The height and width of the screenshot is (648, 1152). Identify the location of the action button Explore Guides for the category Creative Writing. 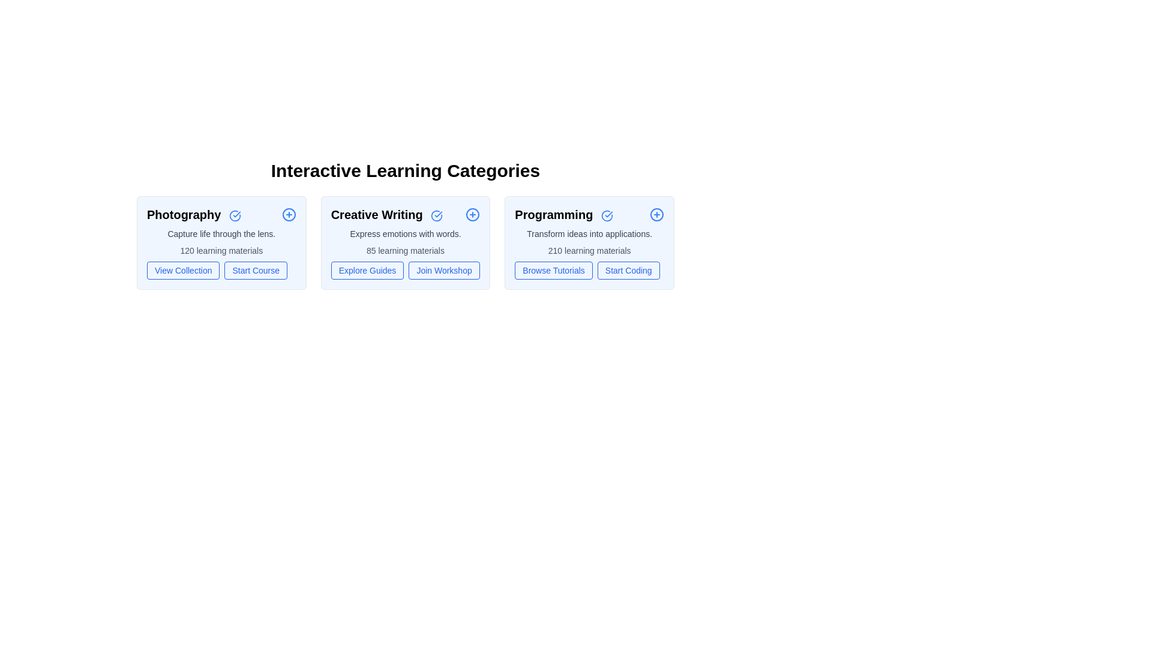
(367, 271).